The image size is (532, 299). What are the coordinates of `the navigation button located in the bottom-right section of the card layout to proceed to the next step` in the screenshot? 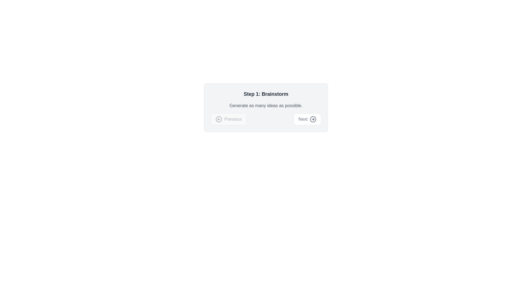 It's located at (307, 119).